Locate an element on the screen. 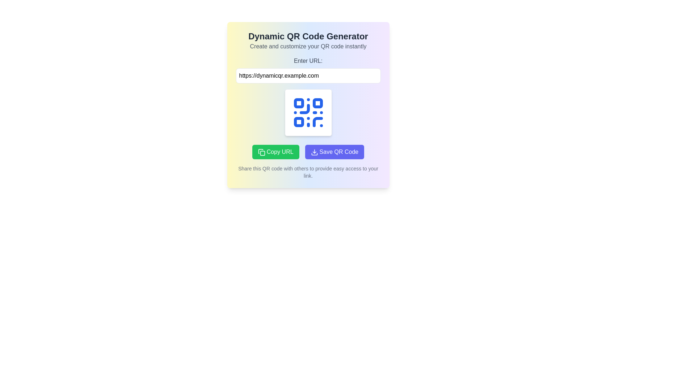  graphical icon adjacent to the left side of the 'Copy URL' button for design purposes is located at coordinates (261, 152).